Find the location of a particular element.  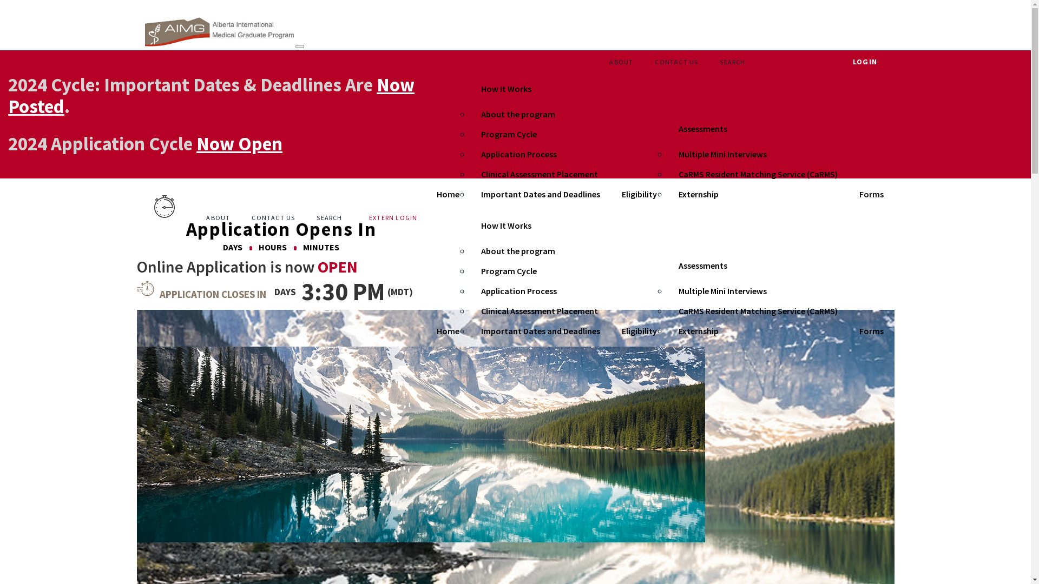

'Now Open' is located at coordinates (239, 143).